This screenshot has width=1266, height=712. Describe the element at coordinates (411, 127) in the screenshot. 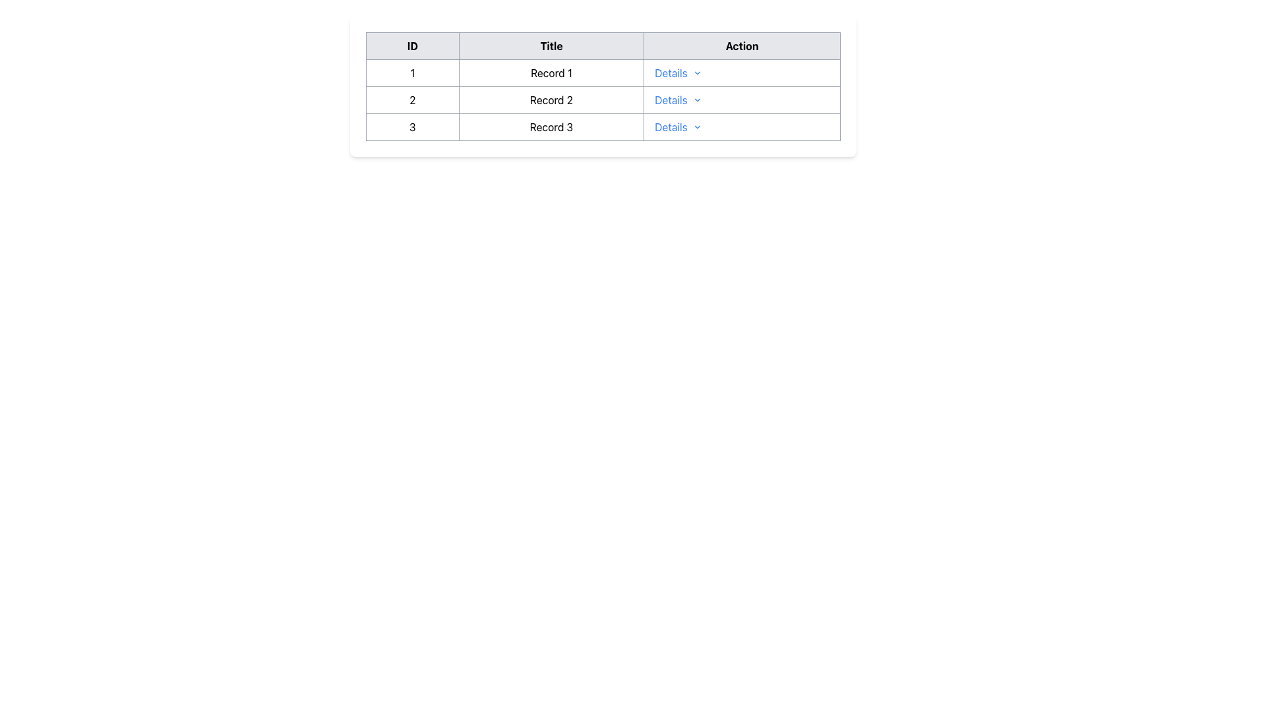

I see `the Text Display Cell containing the numeral '3', which is the first cell in the third row of the table under the 'ID' column header` at that location.